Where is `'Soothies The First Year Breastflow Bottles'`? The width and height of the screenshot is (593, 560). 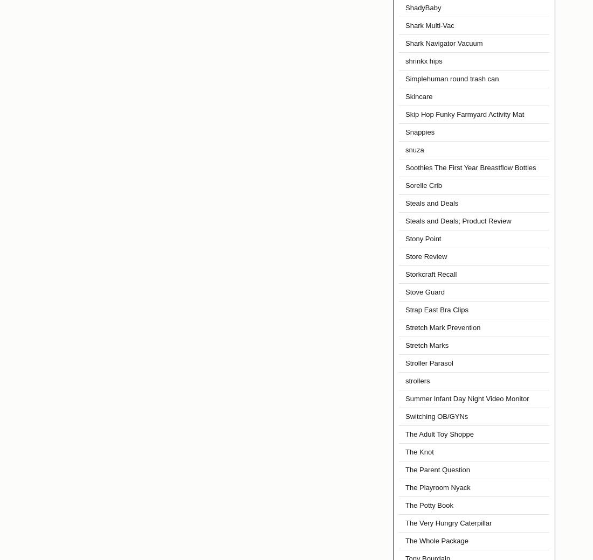 'Soothies The First Year Breastflow Bottles' is located at coordinates (470, 167).